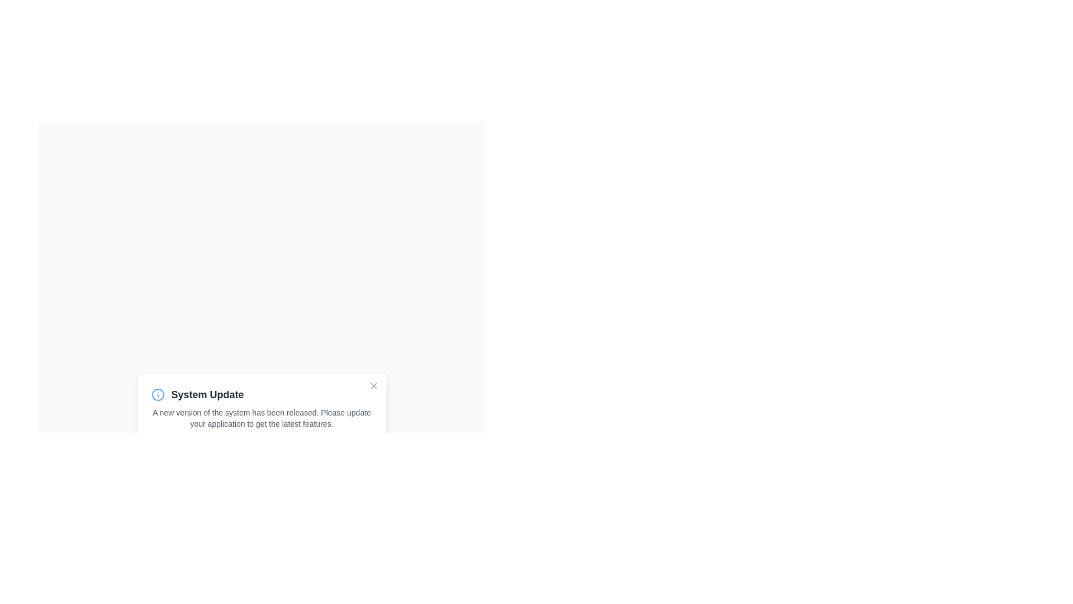 This screenshot has width=1073, height=604. I want to click on the close button icon, which appears as a cross, located at the top-right corner of the 'System Update' popup notification, so click(373, 385).